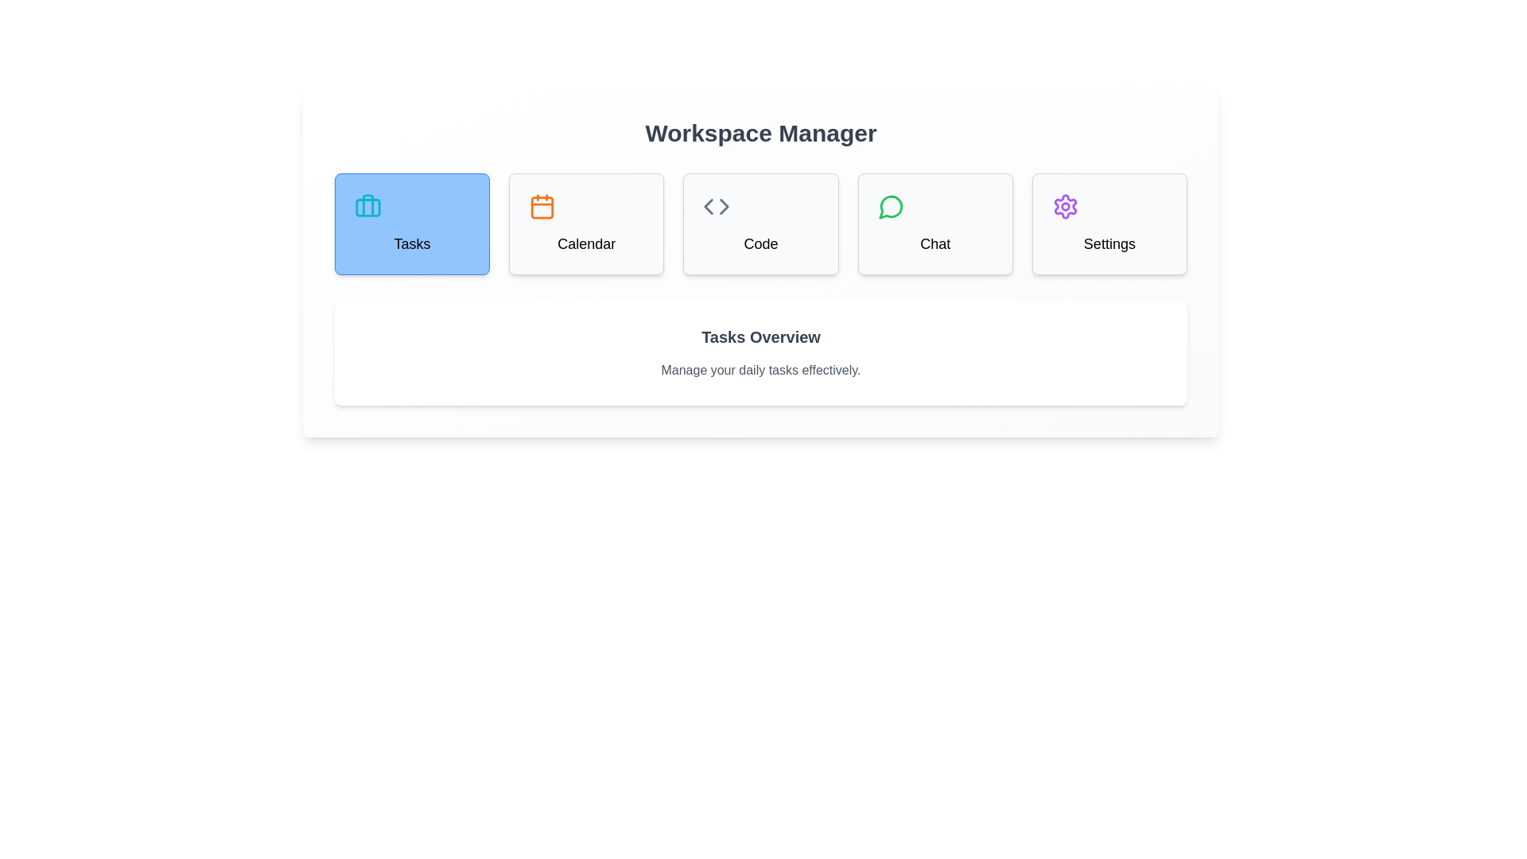 This screenshot has width=1527, height=859. I want to click on the gear-shaped icon within the 'Settings' button, which is the last in a row of five buttons at the top of the interface, so click(1065, 205).